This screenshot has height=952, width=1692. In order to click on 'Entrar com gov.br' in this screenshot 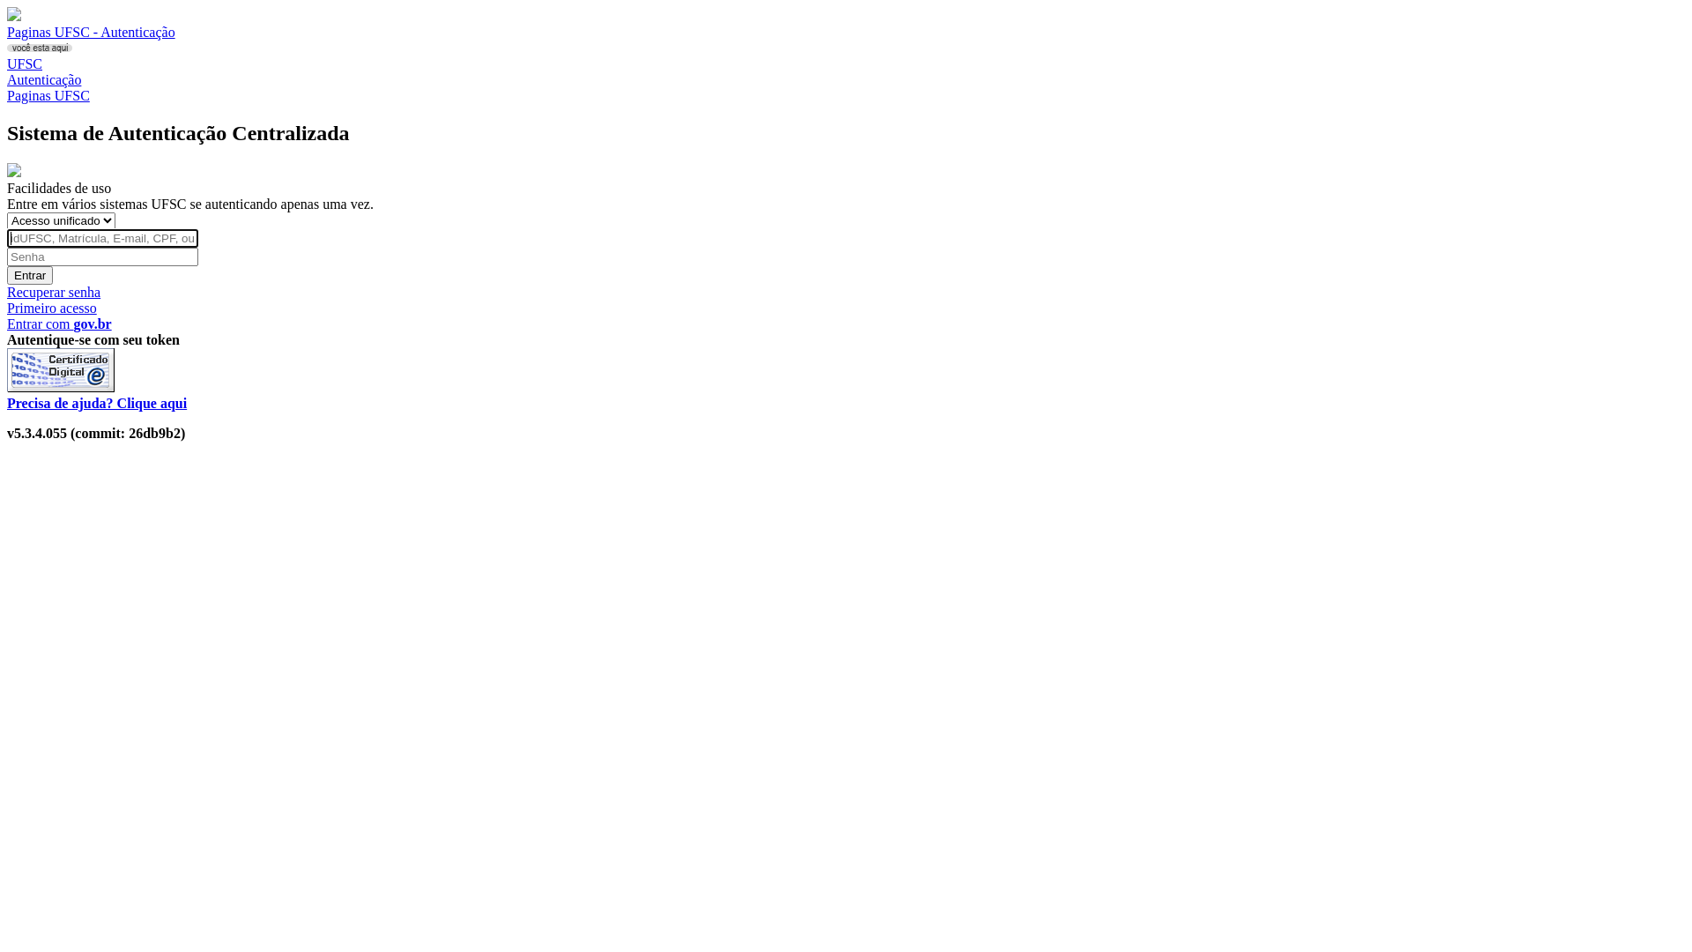, I will do `click(59, 324)`.